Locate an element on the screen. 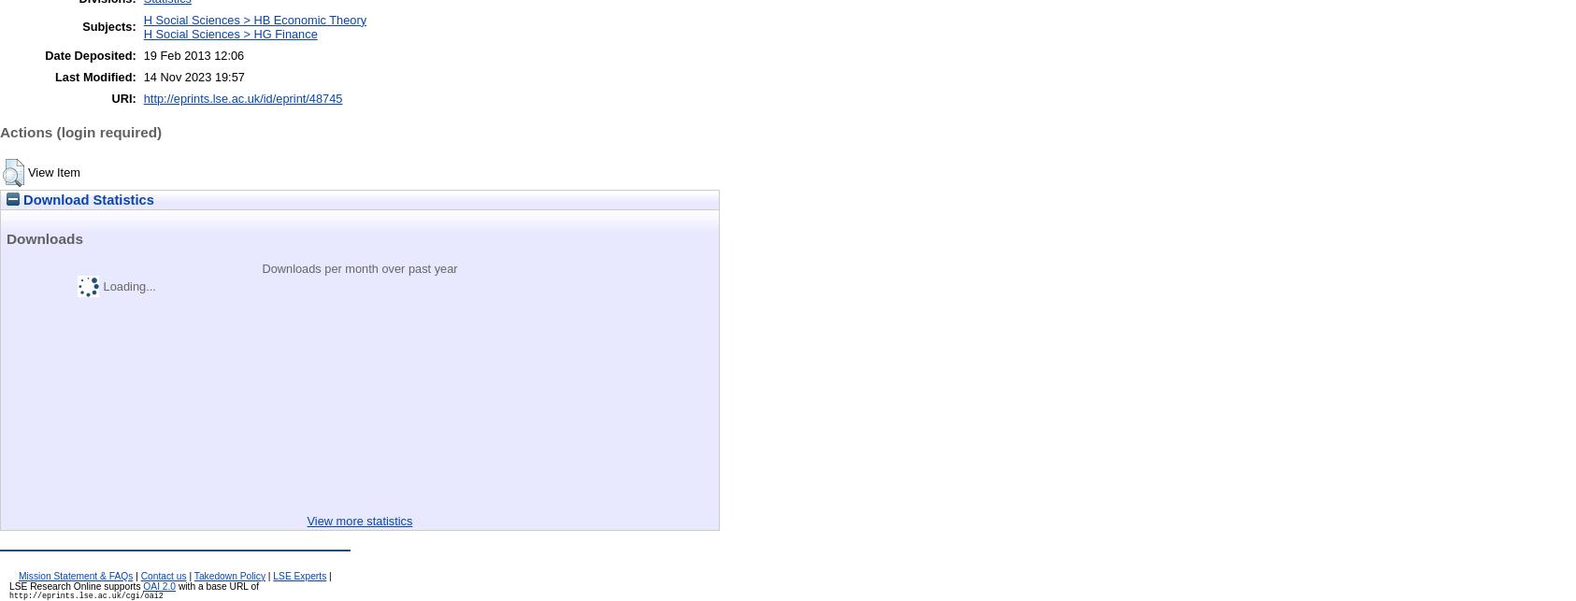  'URI:' is located at coordinates (110, 97).